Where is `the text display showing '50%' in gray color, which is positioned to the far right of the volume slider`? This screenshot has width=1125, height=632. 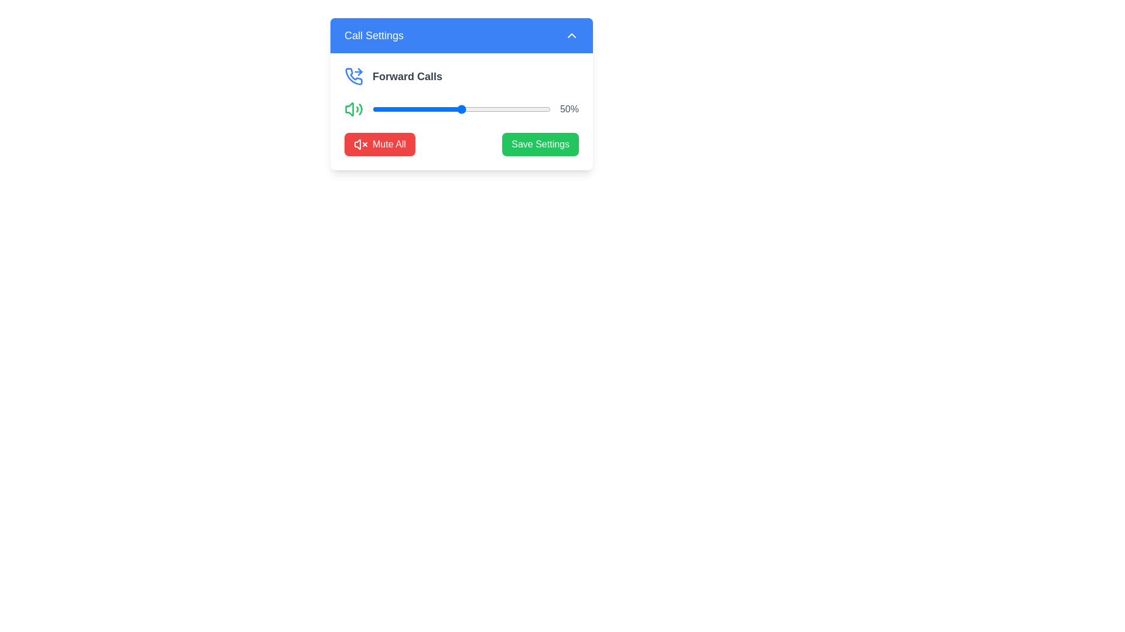 the text display showing '50%' in gray color, which is positioned to the far right of the volume slider is located at coordinates (569, 109).